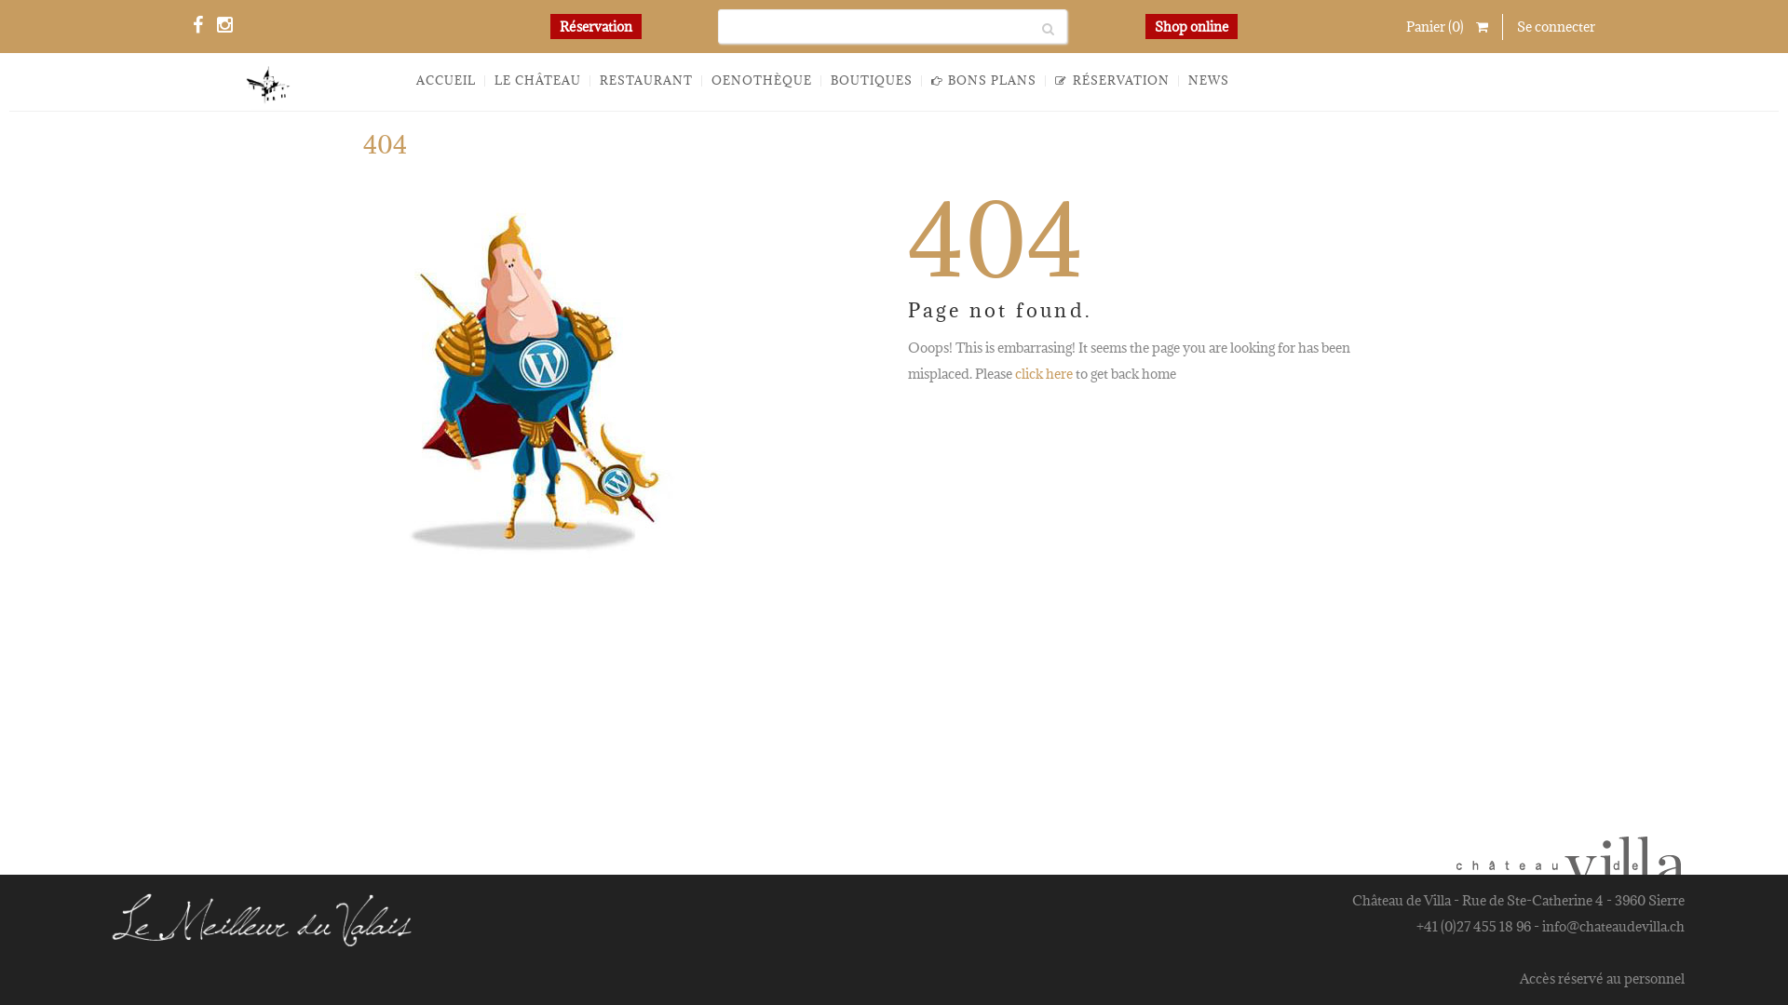  What do you see at coordinates (1044, 373) in the screenshot?
I see `'click here'` at bounding box center [1044, 373].